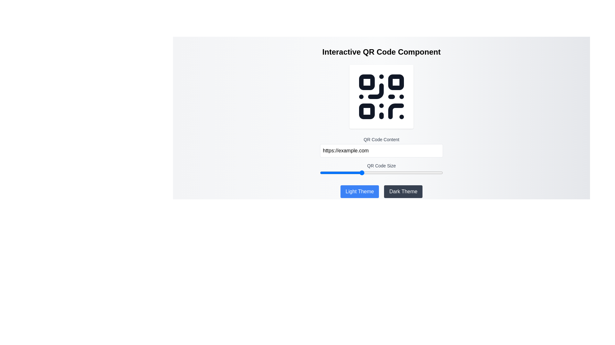 The width and height of the screenshot is (615, 345). Describe the element at coordinates (381, 139) in the screenshot. I see `the Text label that describes the purpose of the adjacent text input field for generating a QR code, positioned above the text input and below the QR Code image` at that location.